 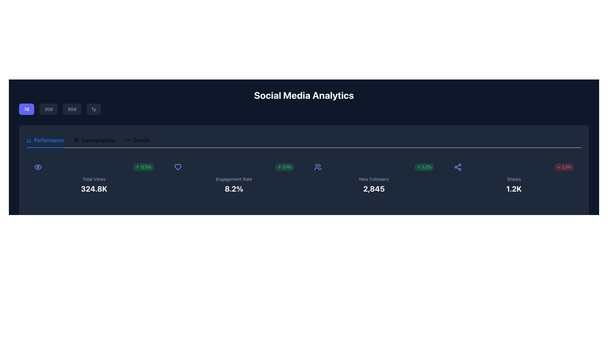 What do you see at coordinates (87, 140) in the screenshot?
I see `the central tab navigation item that displays demographic-related data, located between 'Performance' and 'Growth' in the upper section of the interface` at bounding box center [87, 140].